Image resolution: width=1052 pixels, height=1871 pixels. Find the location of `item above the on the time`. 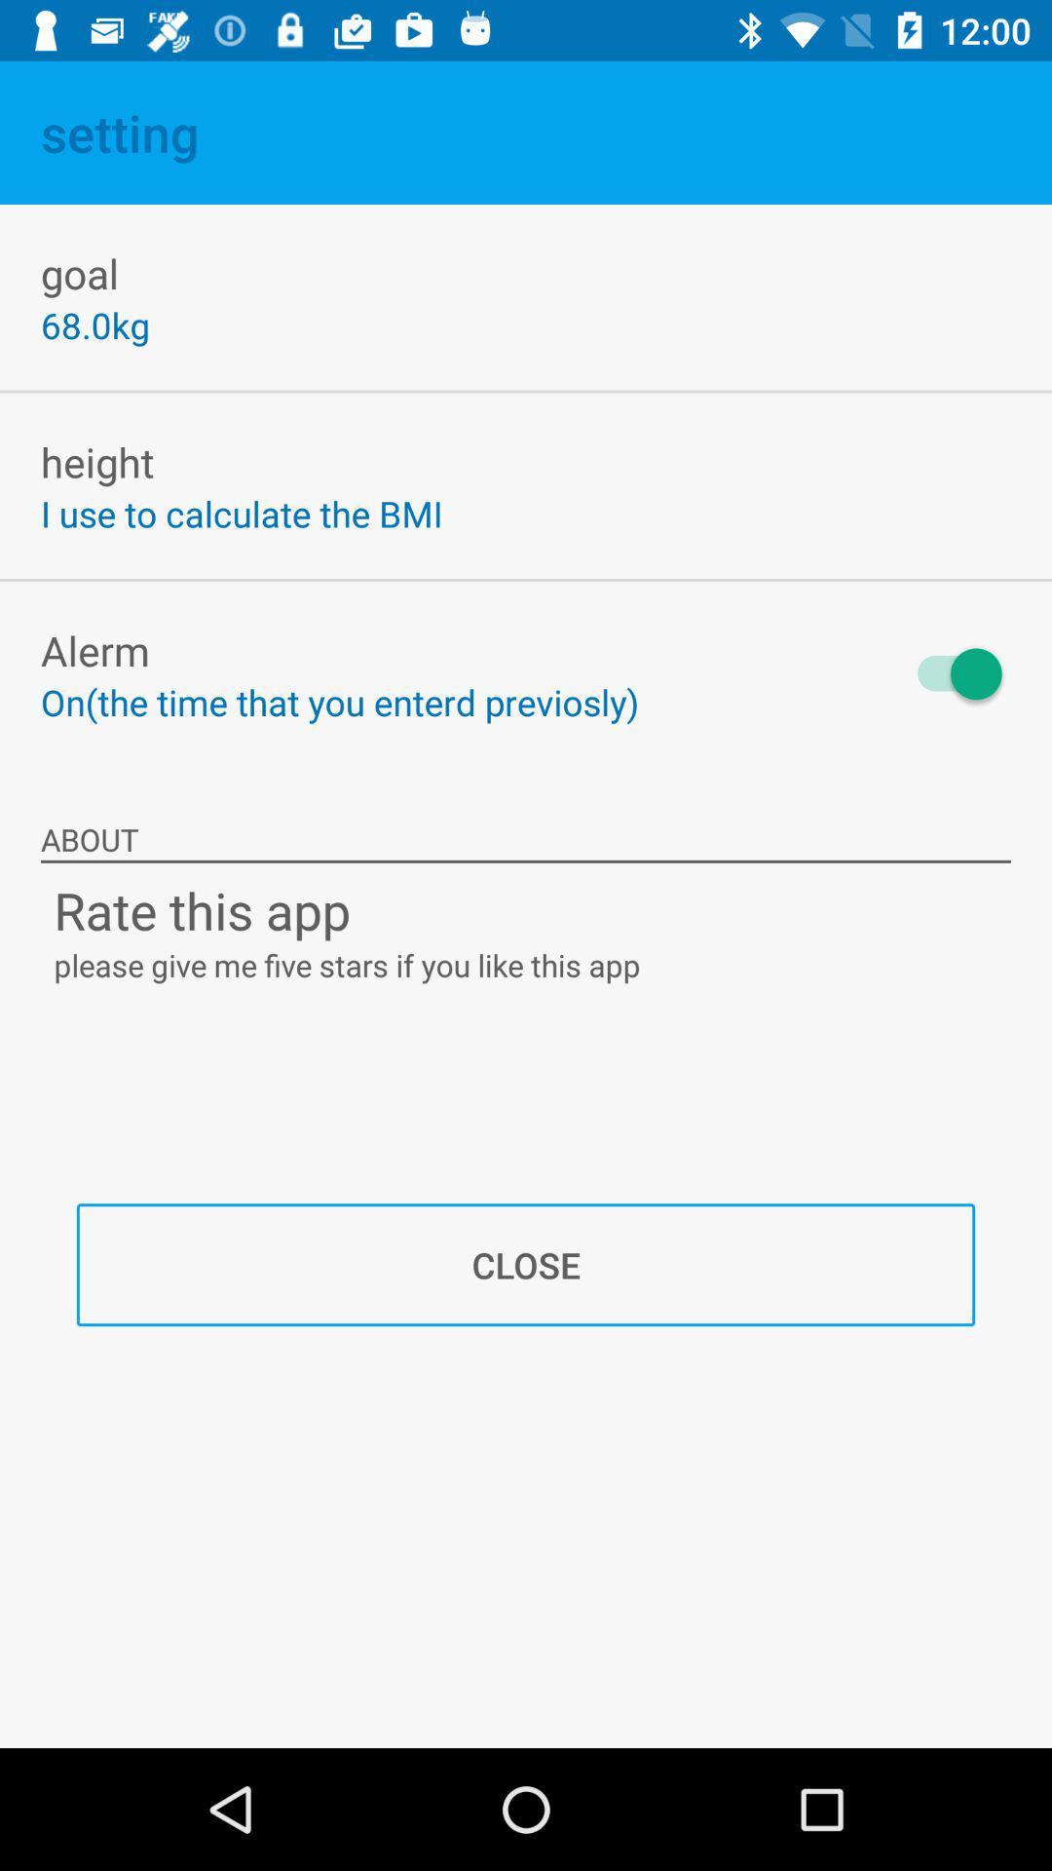

item above the on the time is located at coordinates (94, 650).